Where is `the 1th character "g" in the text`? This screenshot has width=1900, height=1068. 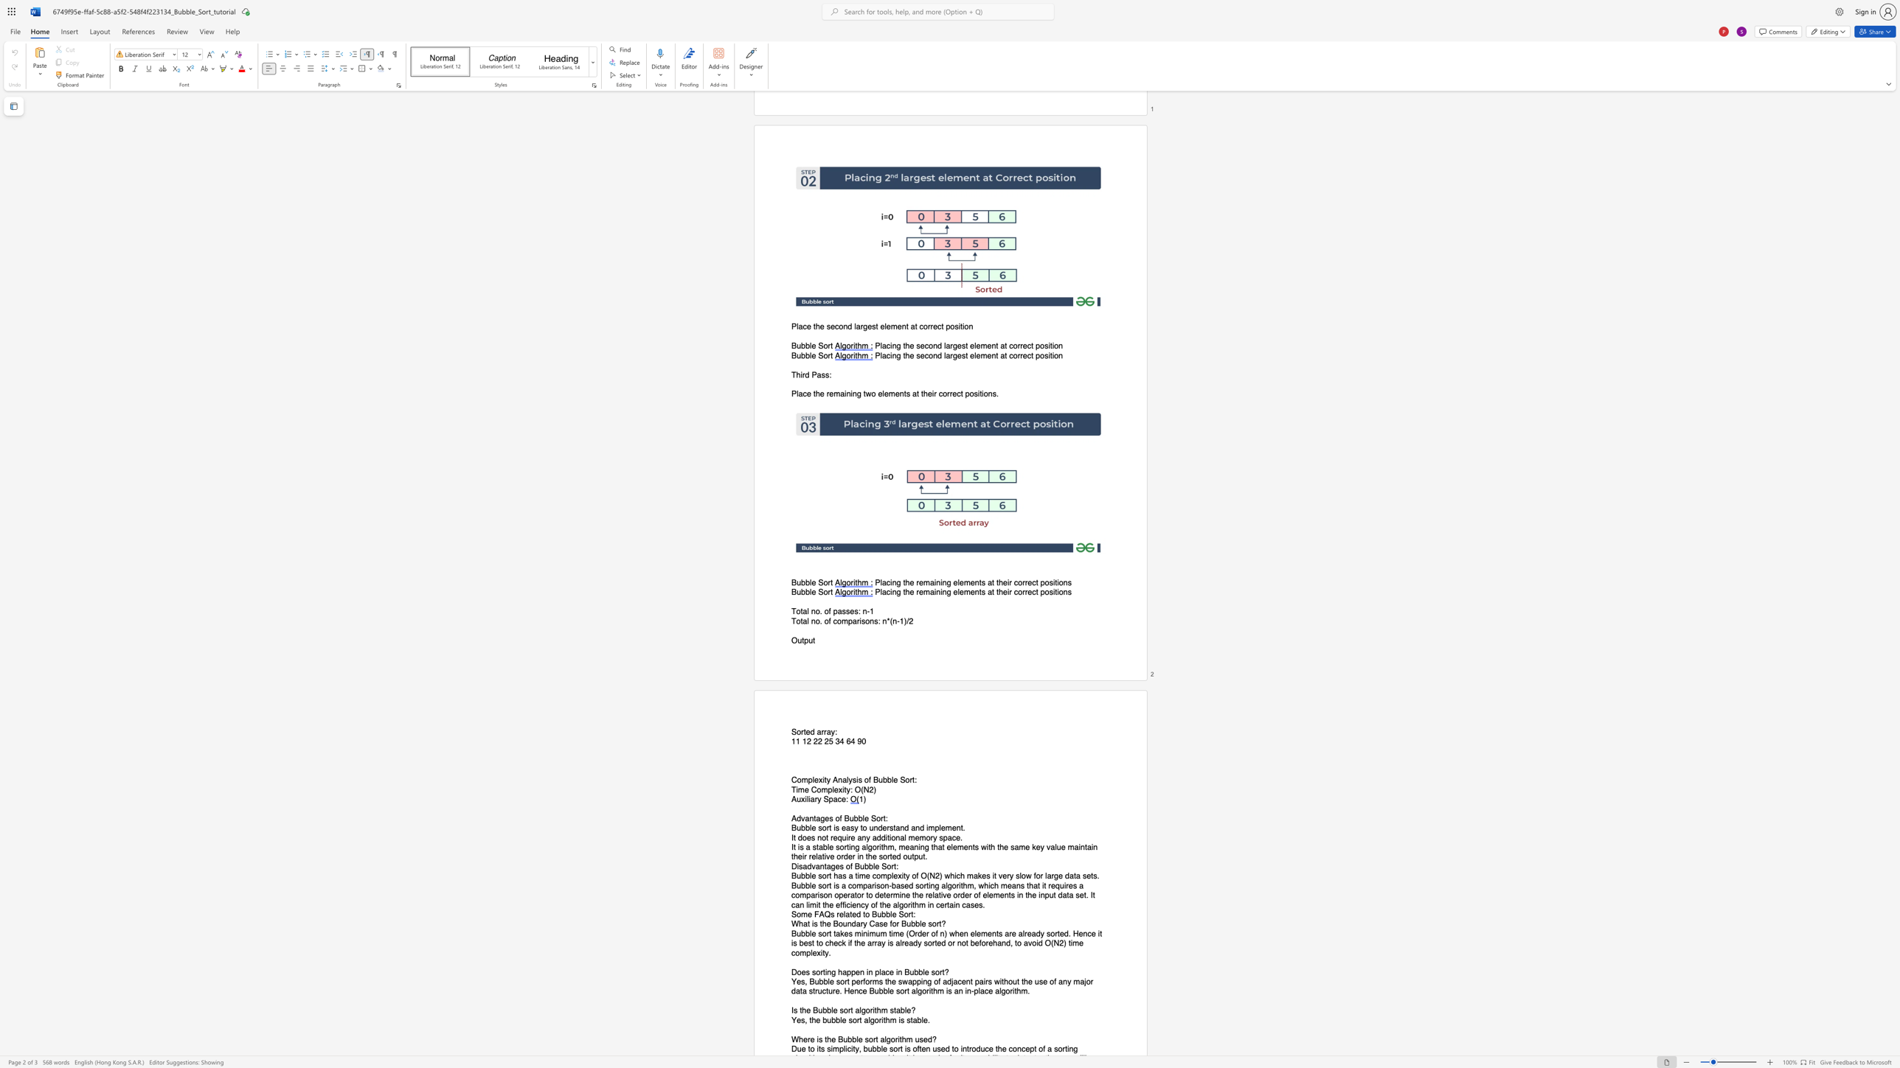 the 1th character "g" in the text is located at coordinates (898, 593).